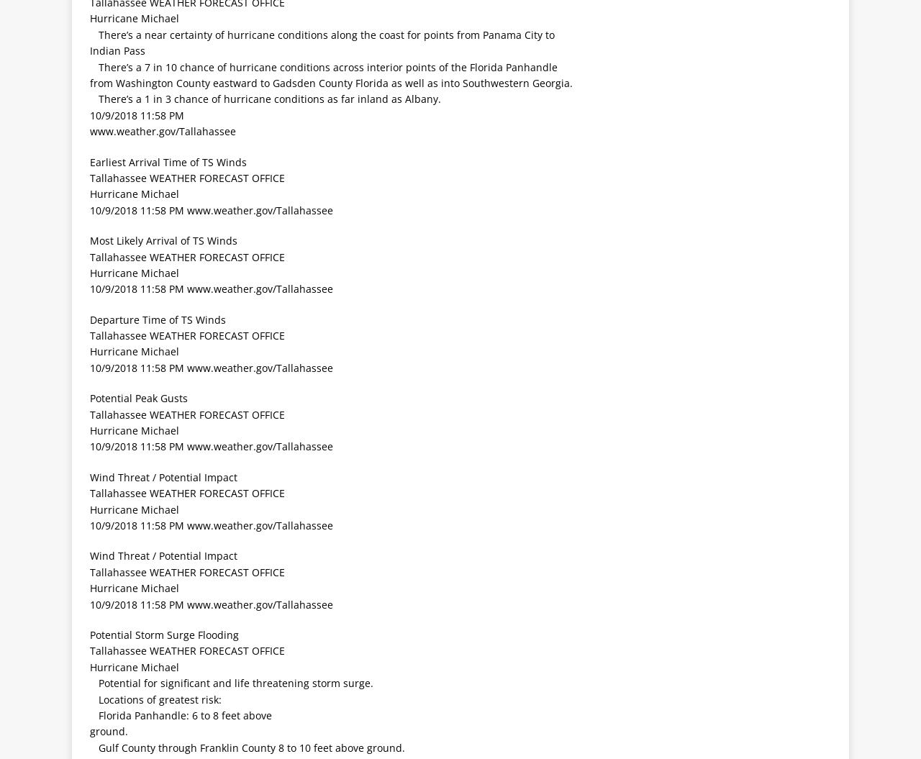 This screenshot has width=921, height=759. I want to click on 'ground.', so click(108, 730).